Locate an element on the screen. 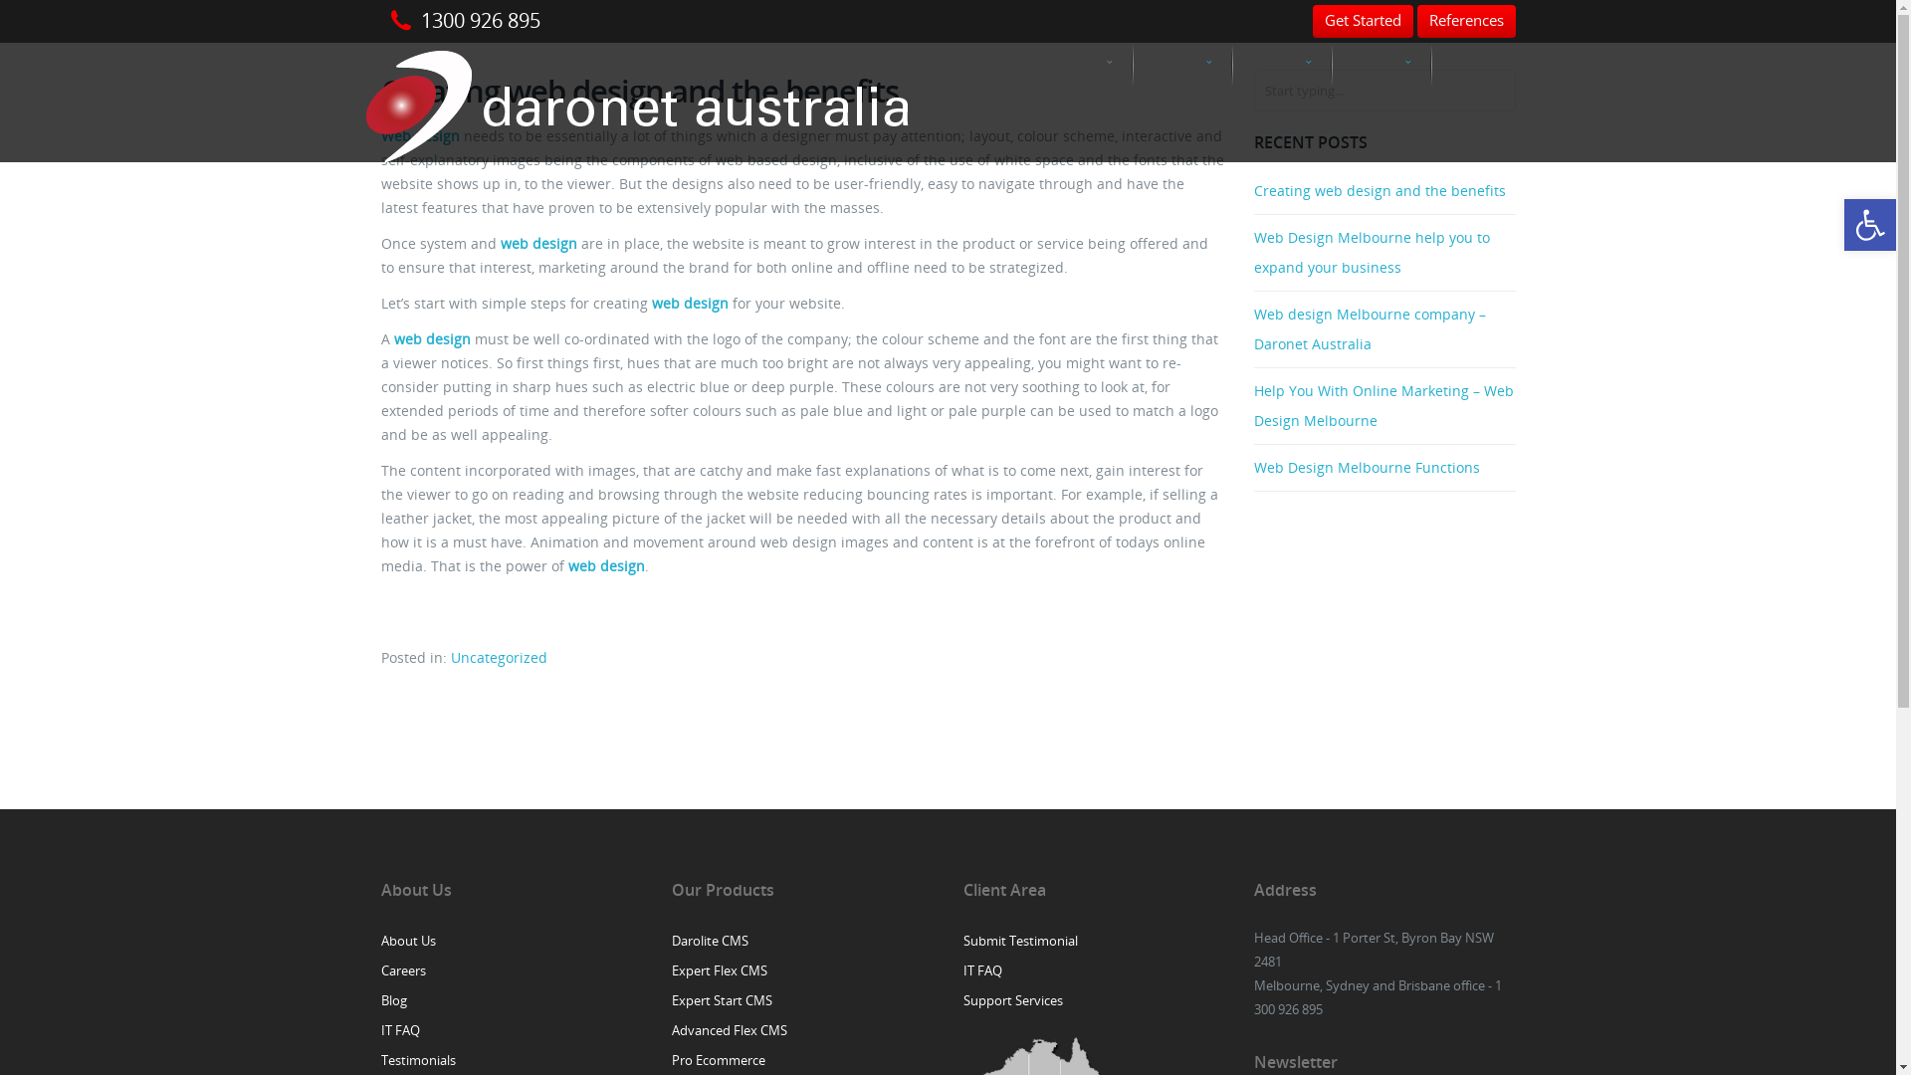 This screenshot has height=1075, width=1911. 'Expert Start CMS' is located at coordinates (721, 1000).